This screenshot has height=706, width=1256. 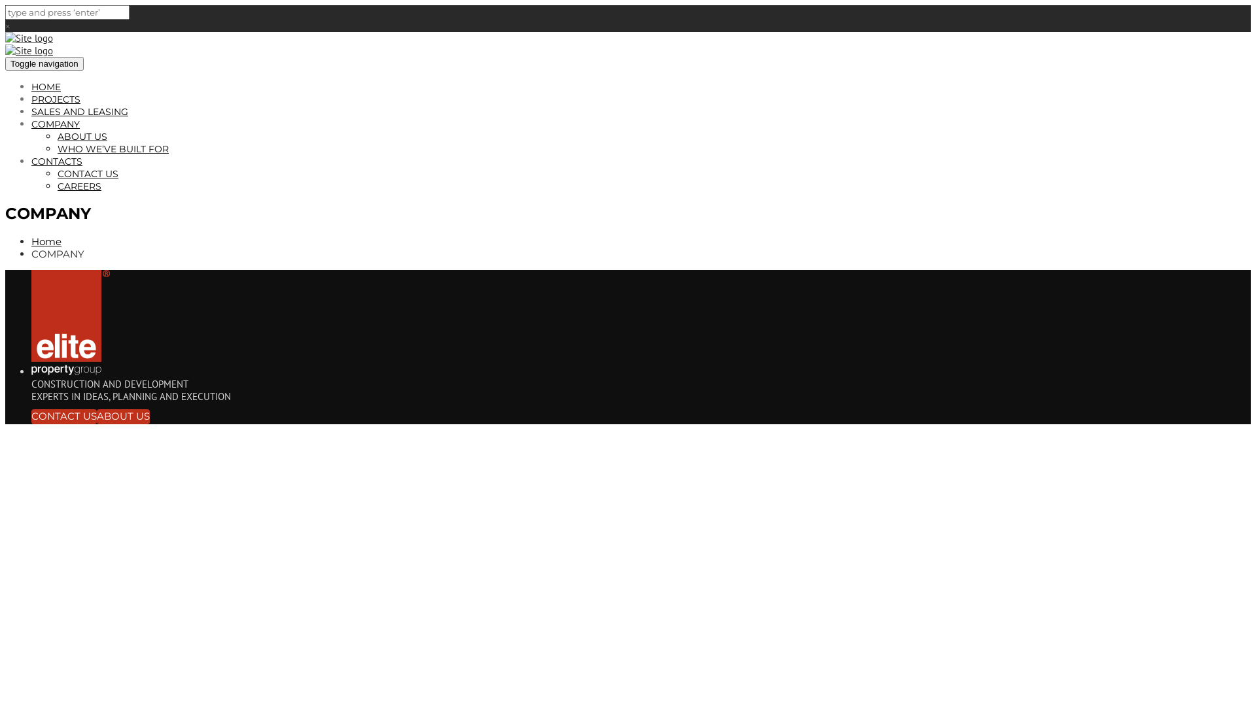 I want to click on 'SALES AND LEASING', so click(x=78, y=110).